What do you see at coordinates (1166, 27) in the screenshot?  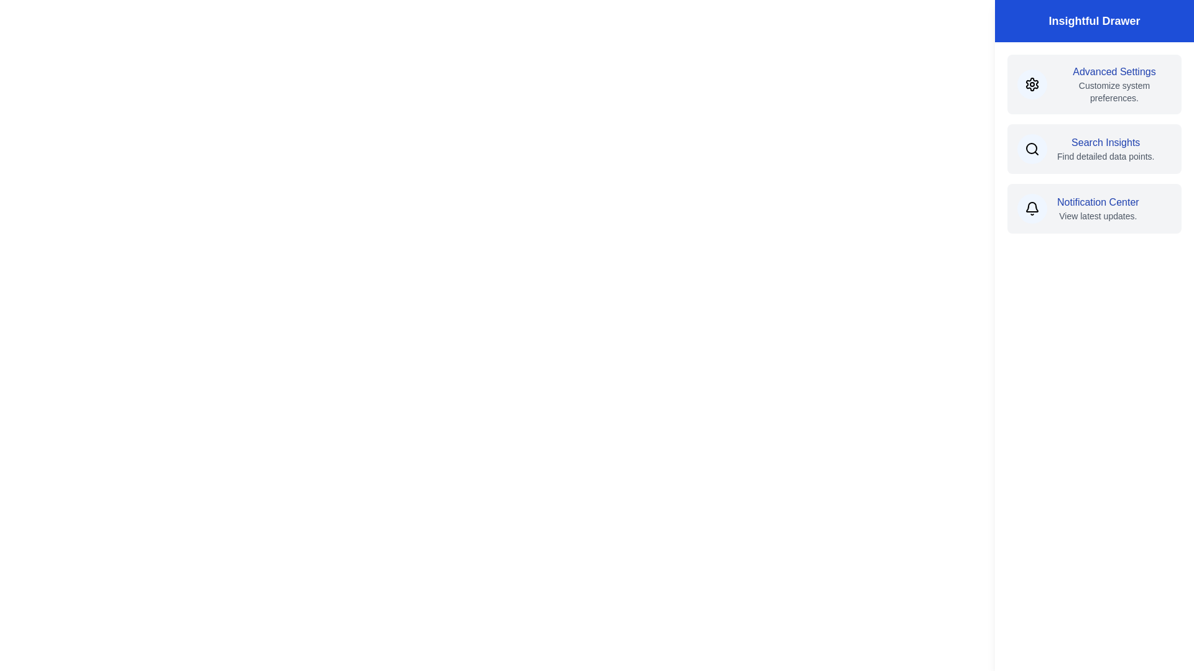 I see `toggle button at the top-right corner to toggle the drawer` at bounding box center [1166, 27].